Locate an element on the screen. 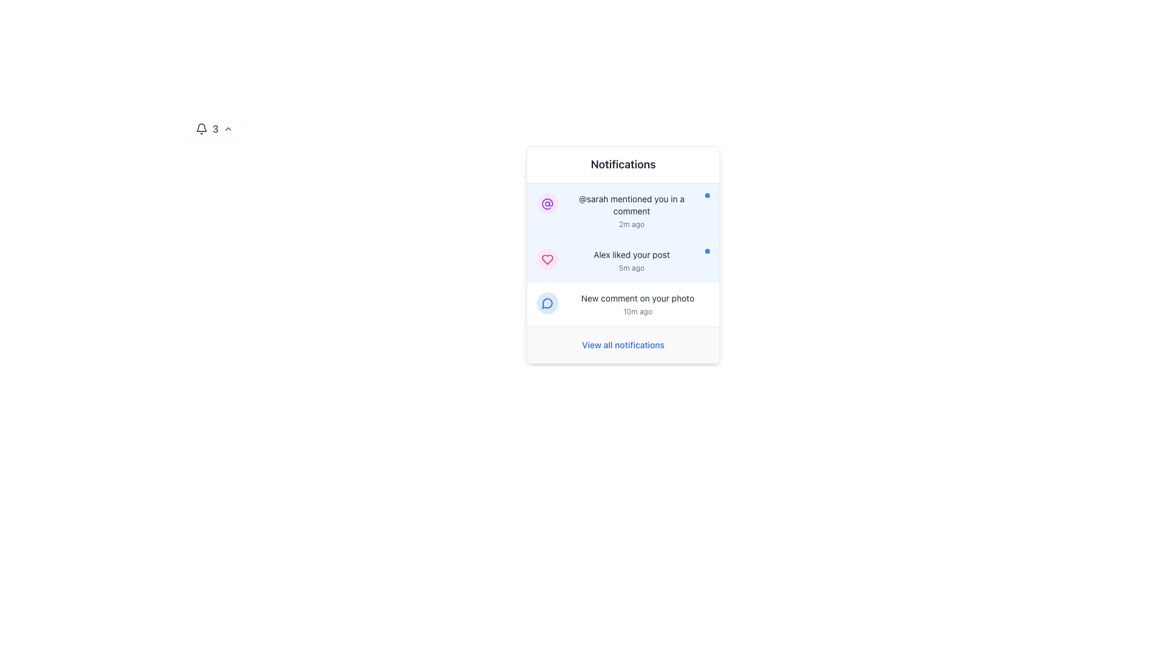 The height and width of the screenshot is (654, 1163). individual notifications in the scrollable list located below the 'Notifications' title is located at coordinates (623, 254).